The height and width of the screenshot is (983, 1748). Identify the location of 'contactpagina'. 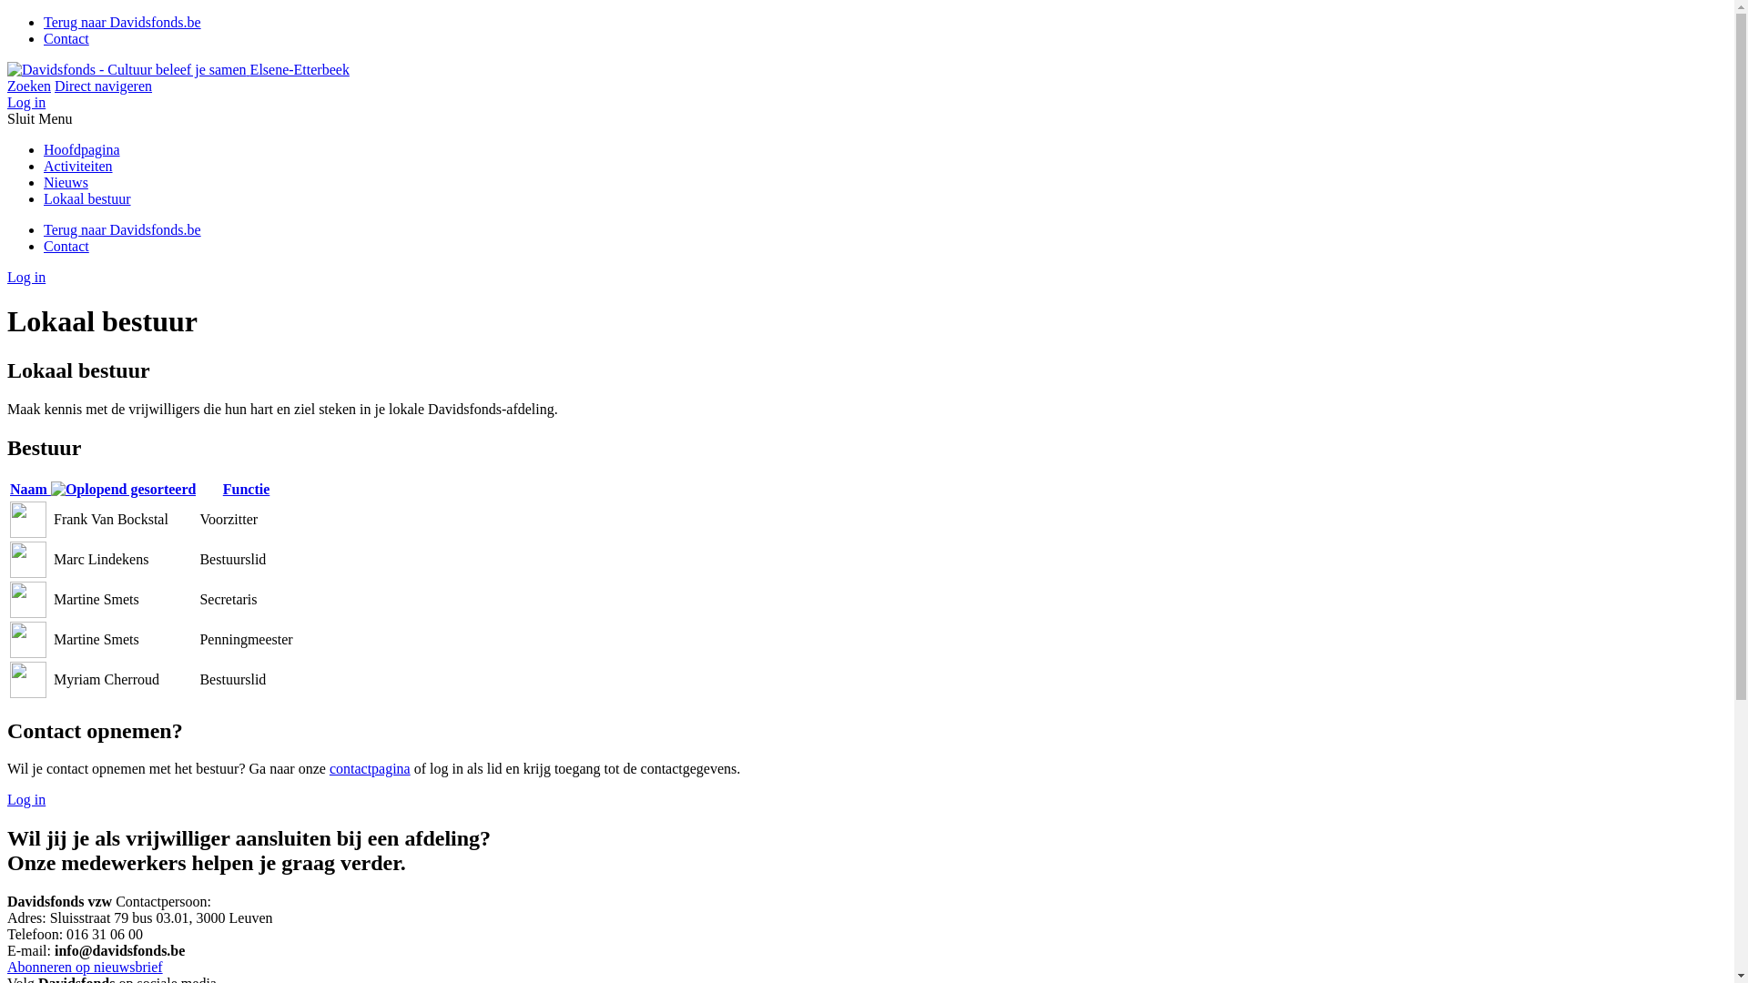
(369, 768).